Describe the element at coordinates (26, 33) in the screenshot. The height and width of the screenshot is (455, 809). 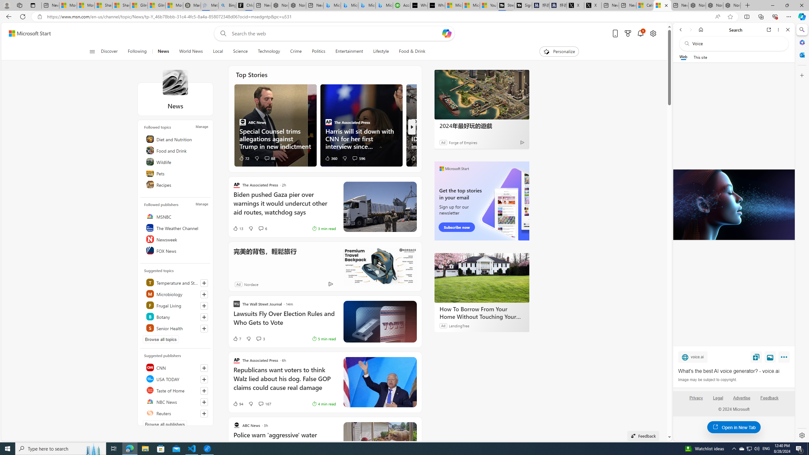
I see `'Skip to footer'` at that location.